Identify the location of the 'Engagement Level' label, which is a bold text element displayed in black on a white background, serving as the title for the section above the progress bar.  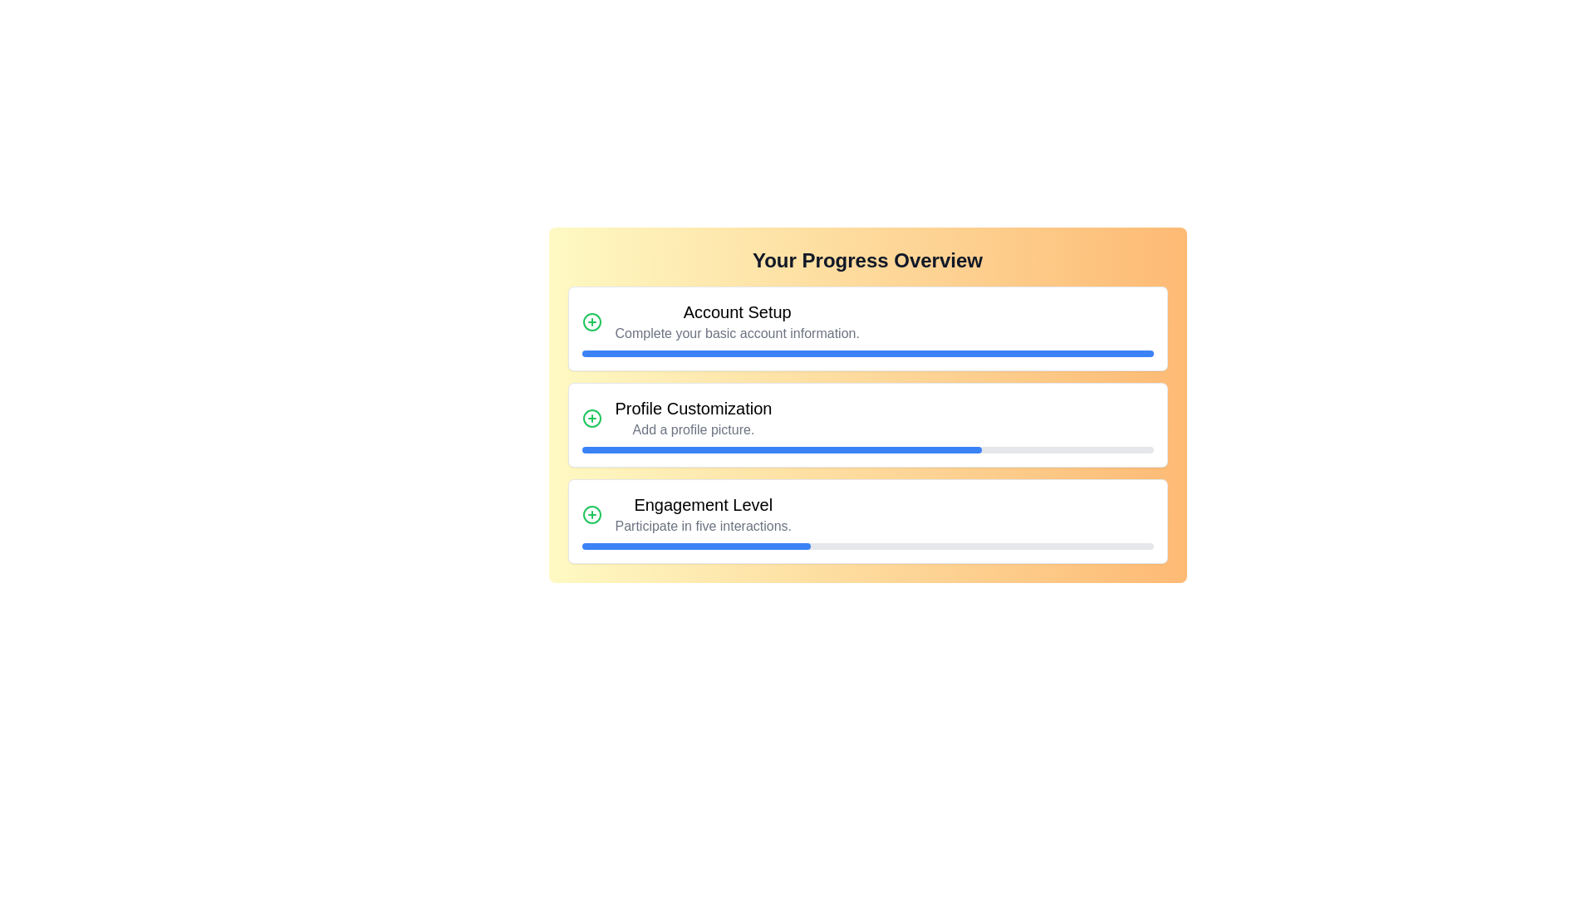
(703, 504).